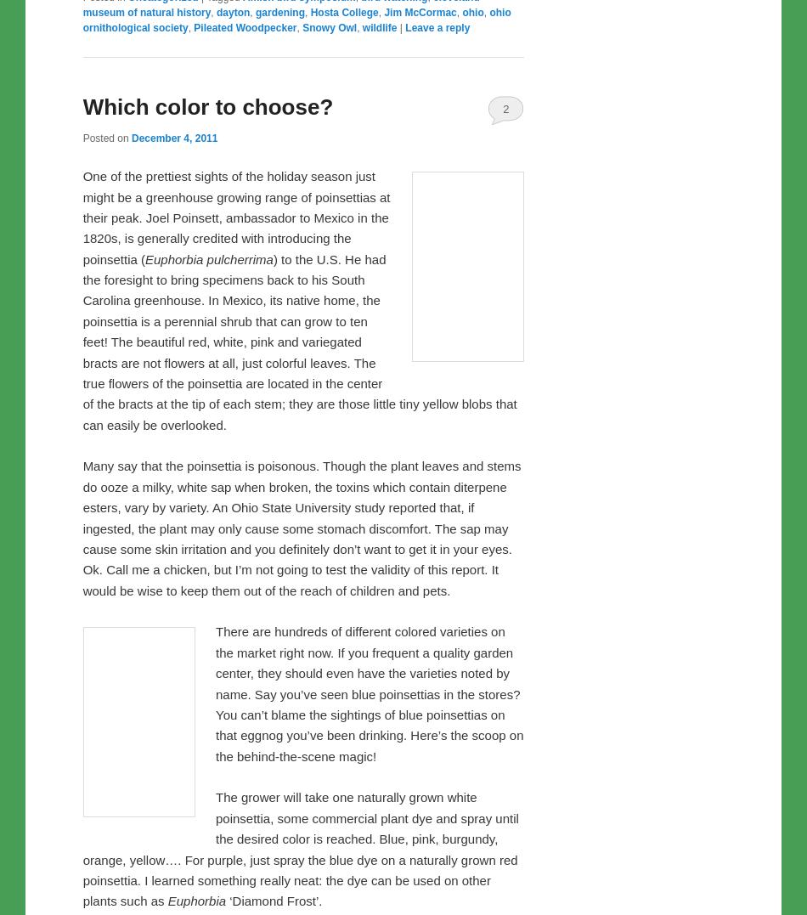 The width and height of the screenshot is (807, 915). I want to click on 'Posted on', so click(106, 493).